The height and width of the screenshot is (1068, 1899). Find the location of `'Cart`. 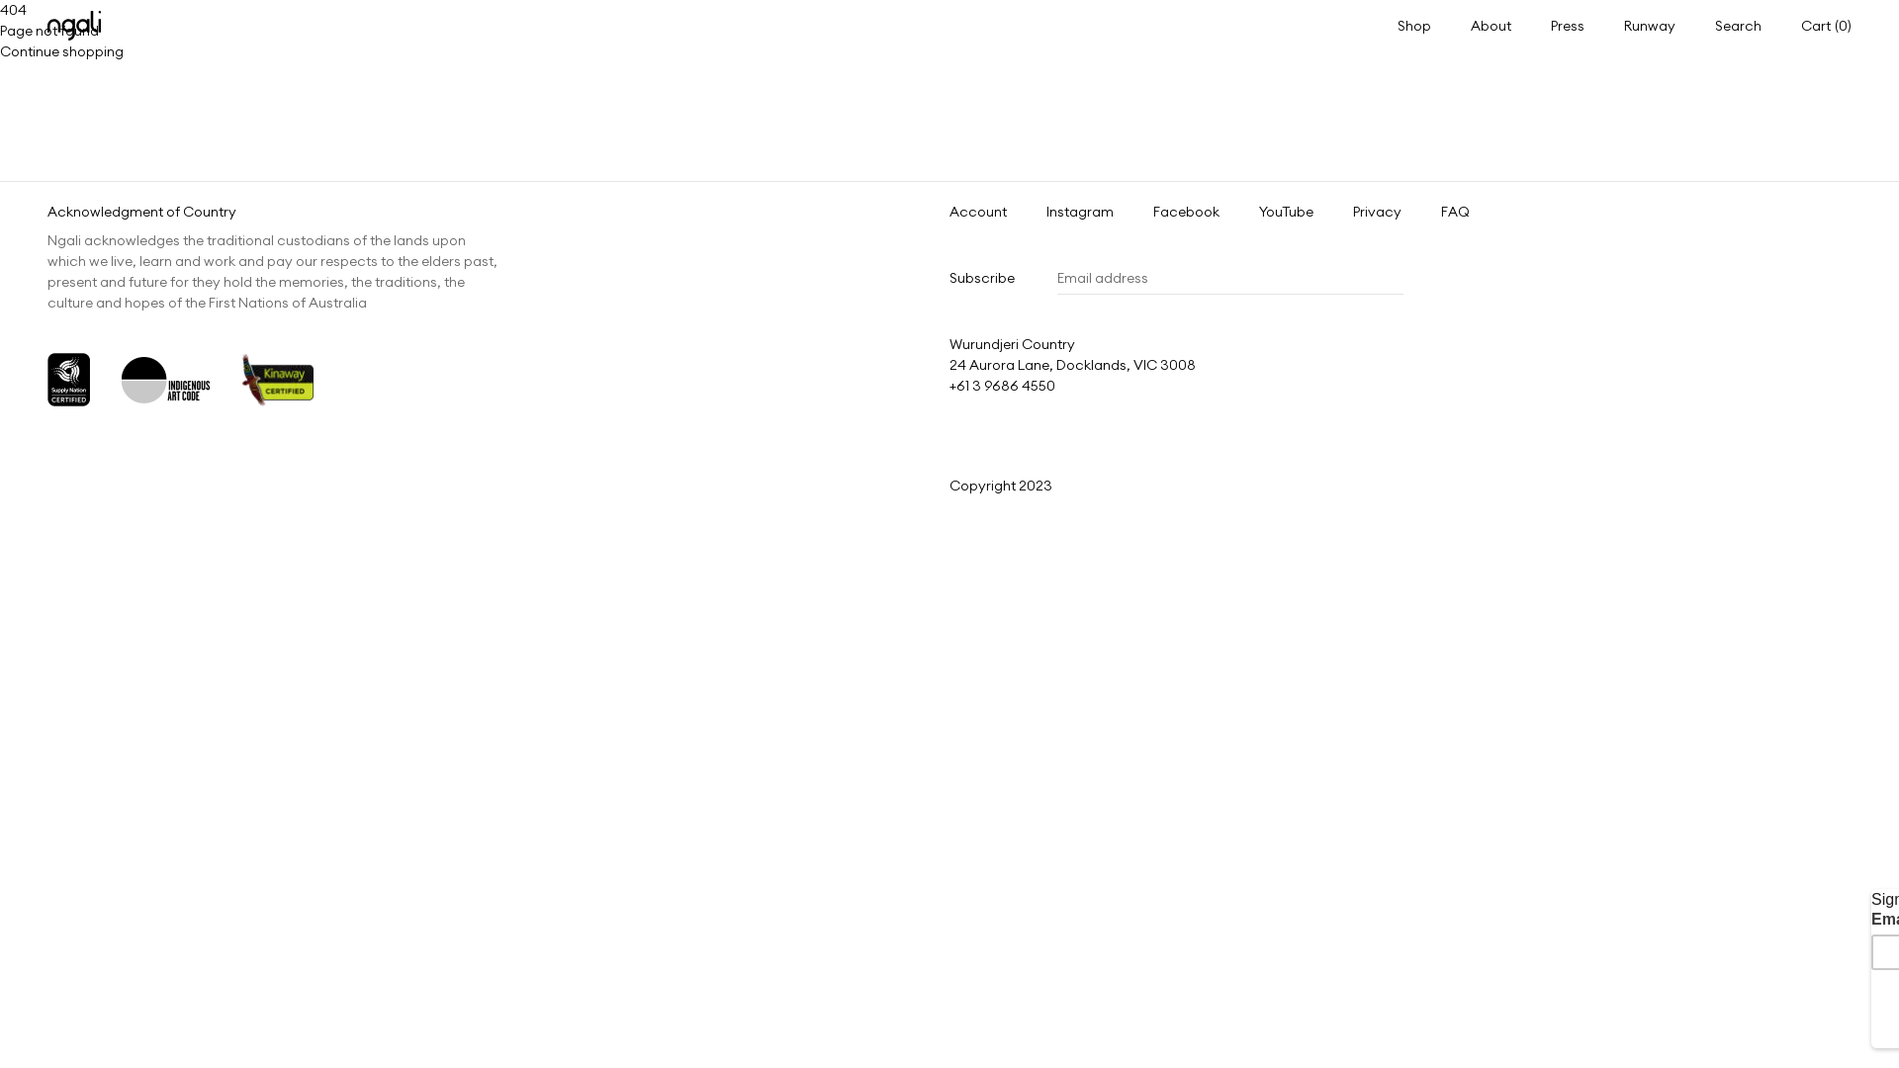

'Cart is located at coordinates (1825, 26).